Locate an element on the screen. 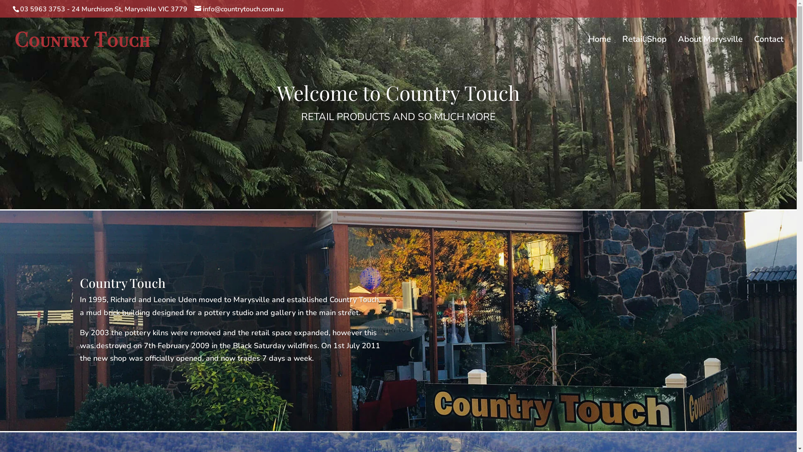 Image resolution: width=803 pixels, height=452 pixels. 'Home' is located at coordinates (599, 49).